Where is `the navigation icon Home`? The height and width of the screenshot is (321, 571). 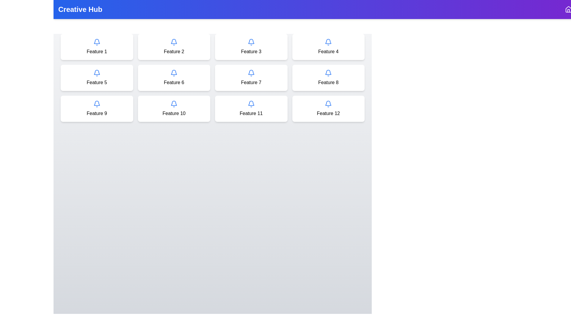
the navigation icon Home is located at coordinates (568, 9).